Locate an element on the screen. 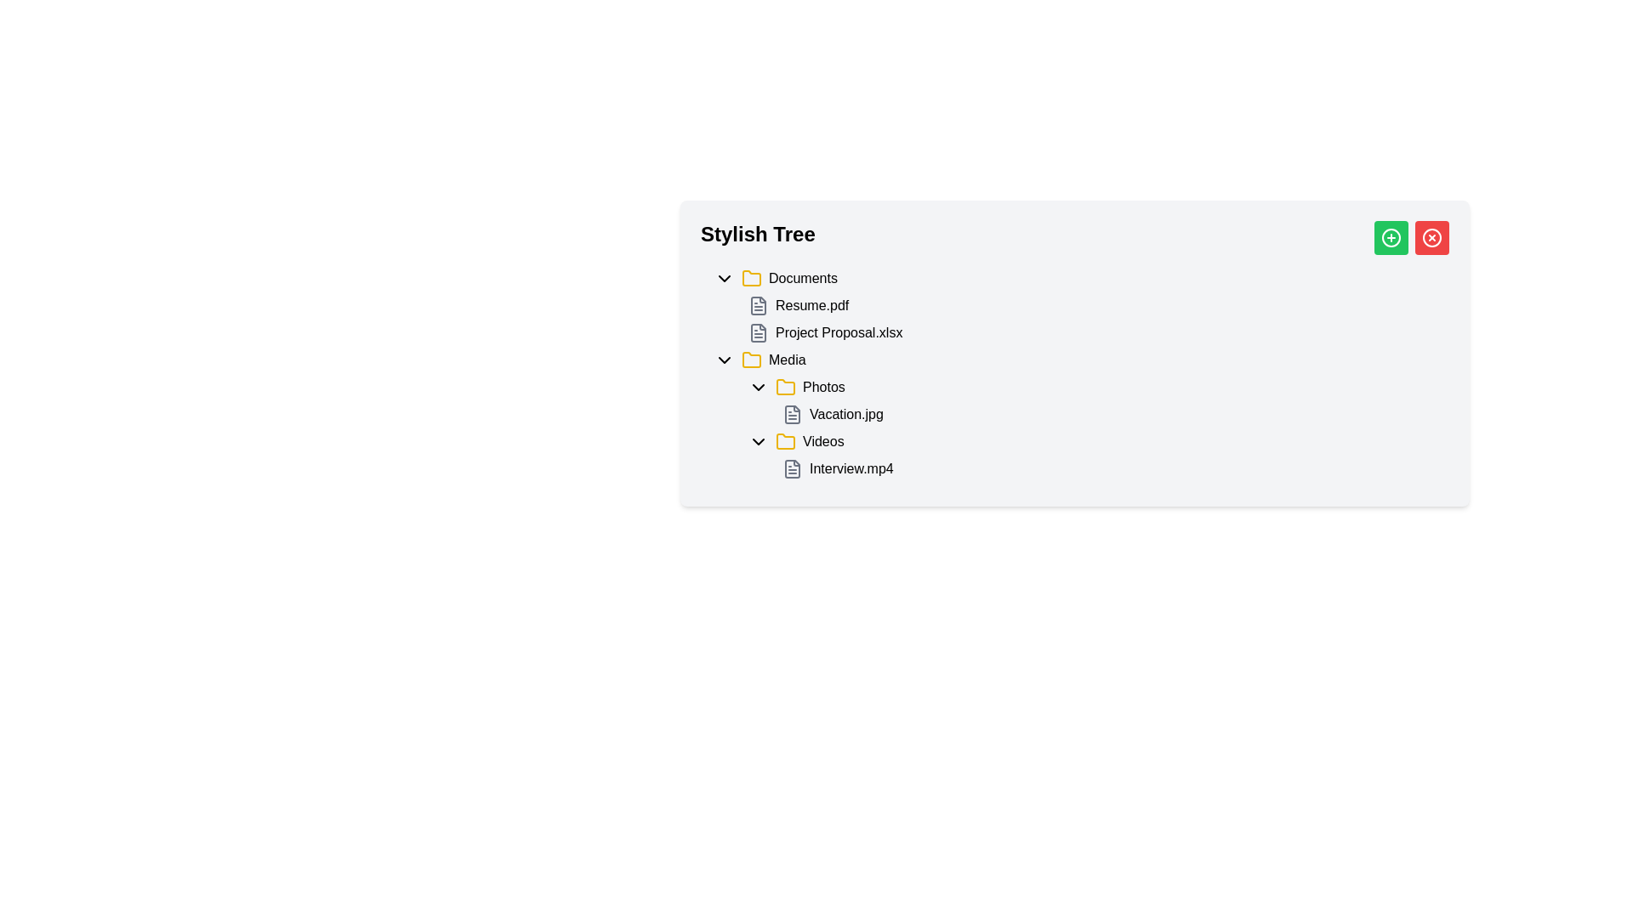 This screenshot has height=918, width=1633. the Chevron icon is located at coordinates (758, 387).